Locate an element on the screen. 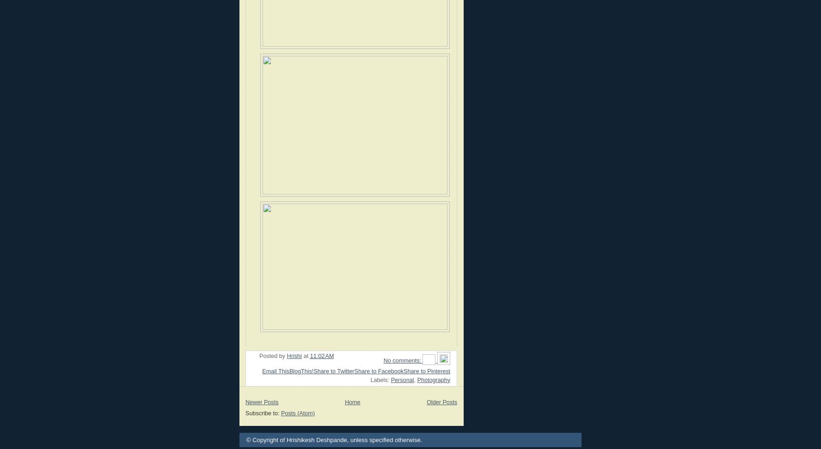  'Email This' is located at coordinates (275, 370).